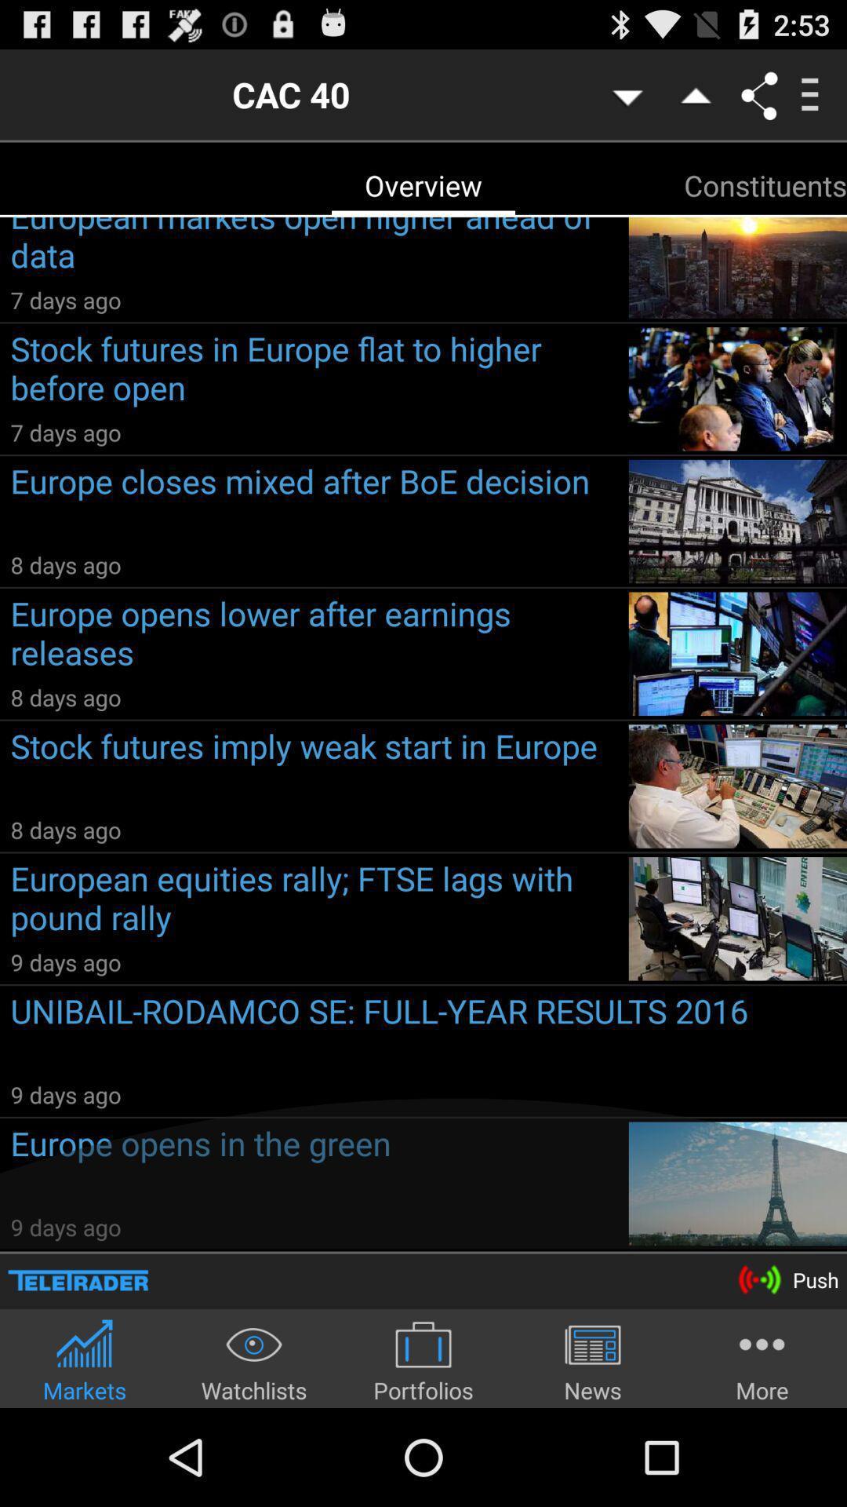 The image size is (847, 1507). Describe the element at coordinates (809, 100) in the screenshot. I see `the menu icon` at that location.